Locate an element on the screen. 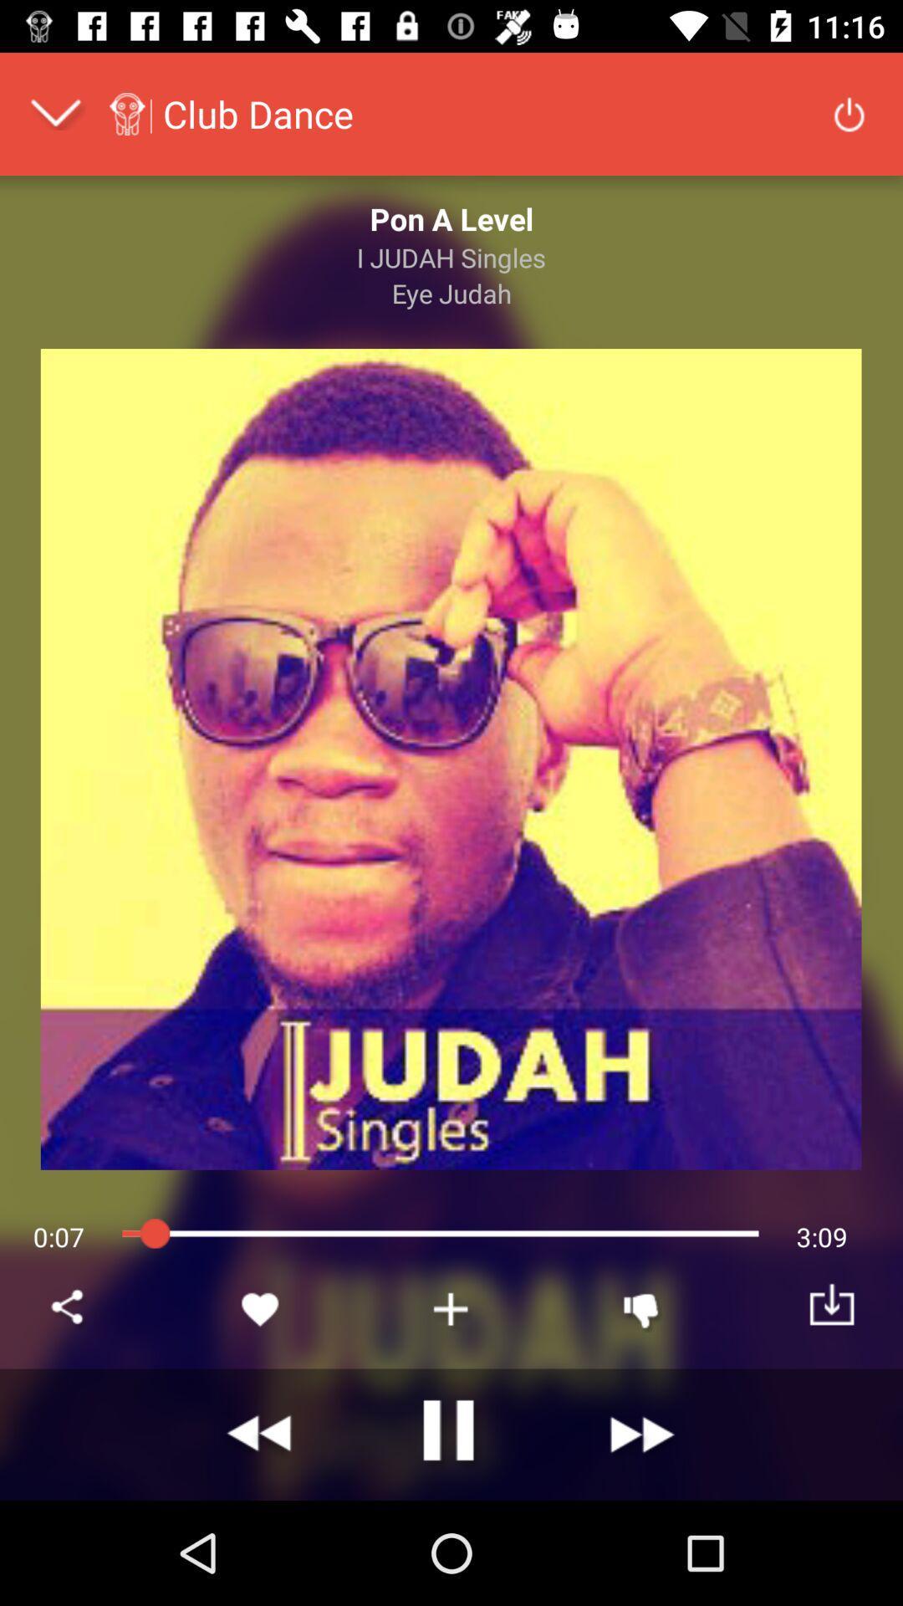 Image resolution: width=903 pixels, height=1606 pixels. music list is located at coordinates (451, 1308).